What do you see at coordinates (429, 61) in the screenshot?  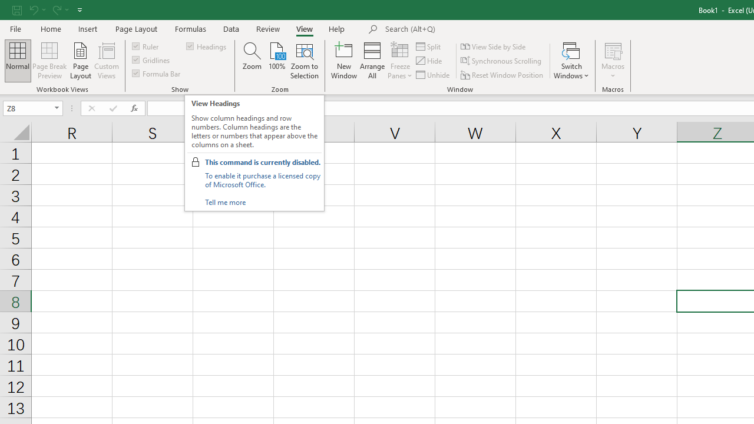 I see `'Hide'` at bounding box center [429, 61].